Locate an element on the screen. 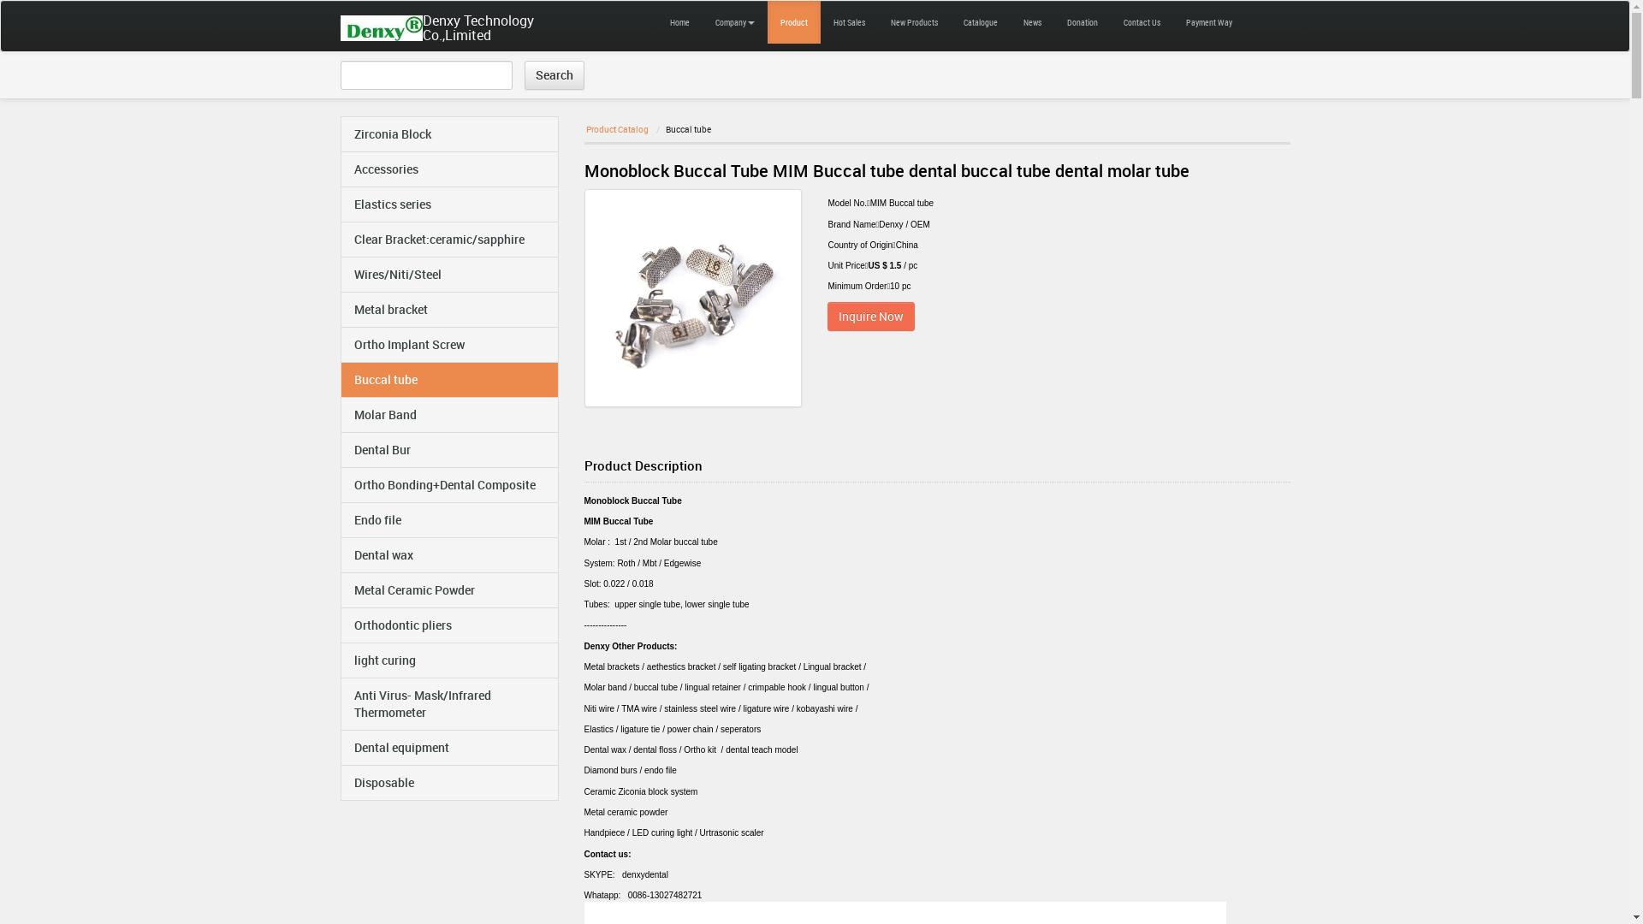 This screenshot has width=1643, height=924. 'Product' is located at coordinates (792, 22).